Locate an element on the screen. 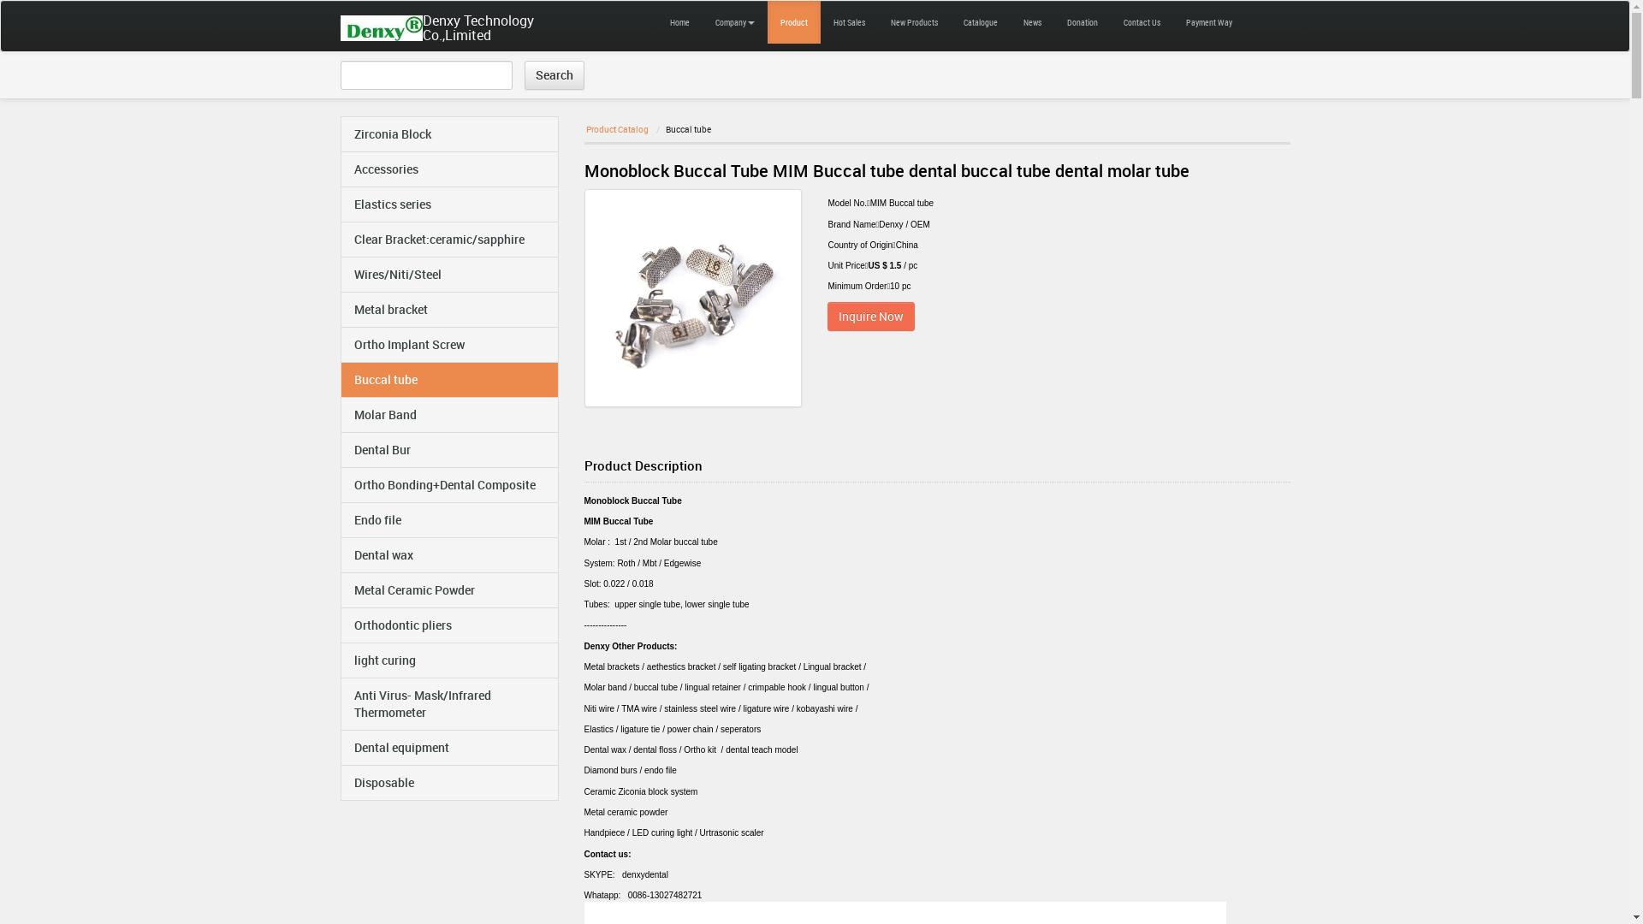 This screenshot has width=1643, height=924. 'Product' is located at coordinates (792, 22).